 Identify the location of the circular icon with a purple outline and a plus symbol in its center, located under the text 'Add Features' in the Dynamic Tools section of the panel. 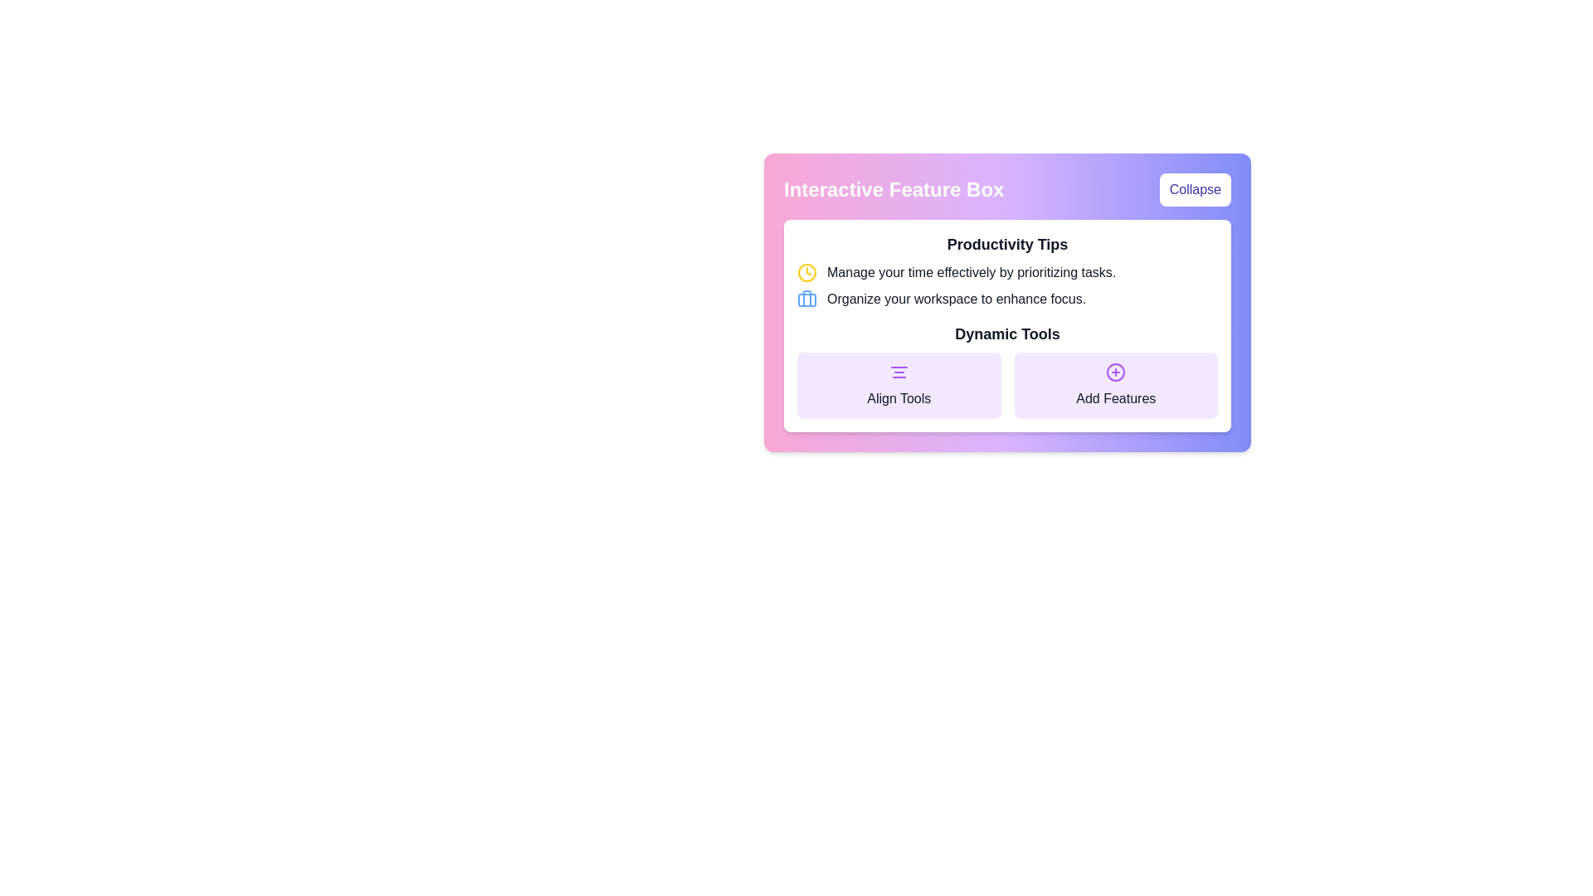
(1116, 371).